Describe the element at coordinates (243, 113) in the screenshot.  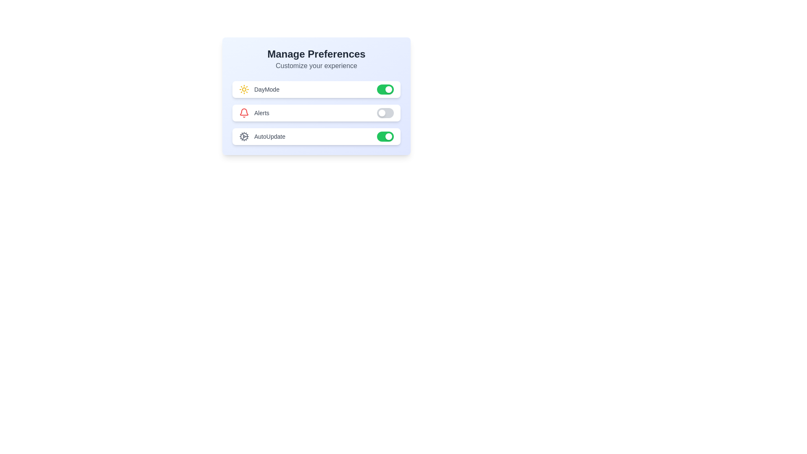
I see `the red outlined bell icon located in the 'Alerts' row of the preference settings panel, positioned to the immediate left of the 'Alerts' label text` at that location.